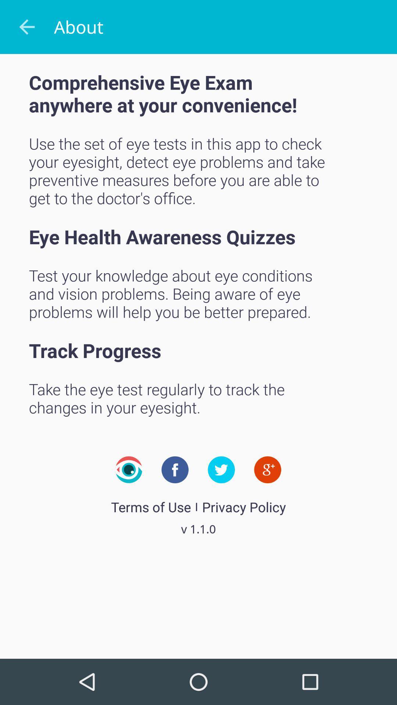 The width and height of the screenshot is (397, 705). I want to click on connect to company twitter page, so click(221, 469).